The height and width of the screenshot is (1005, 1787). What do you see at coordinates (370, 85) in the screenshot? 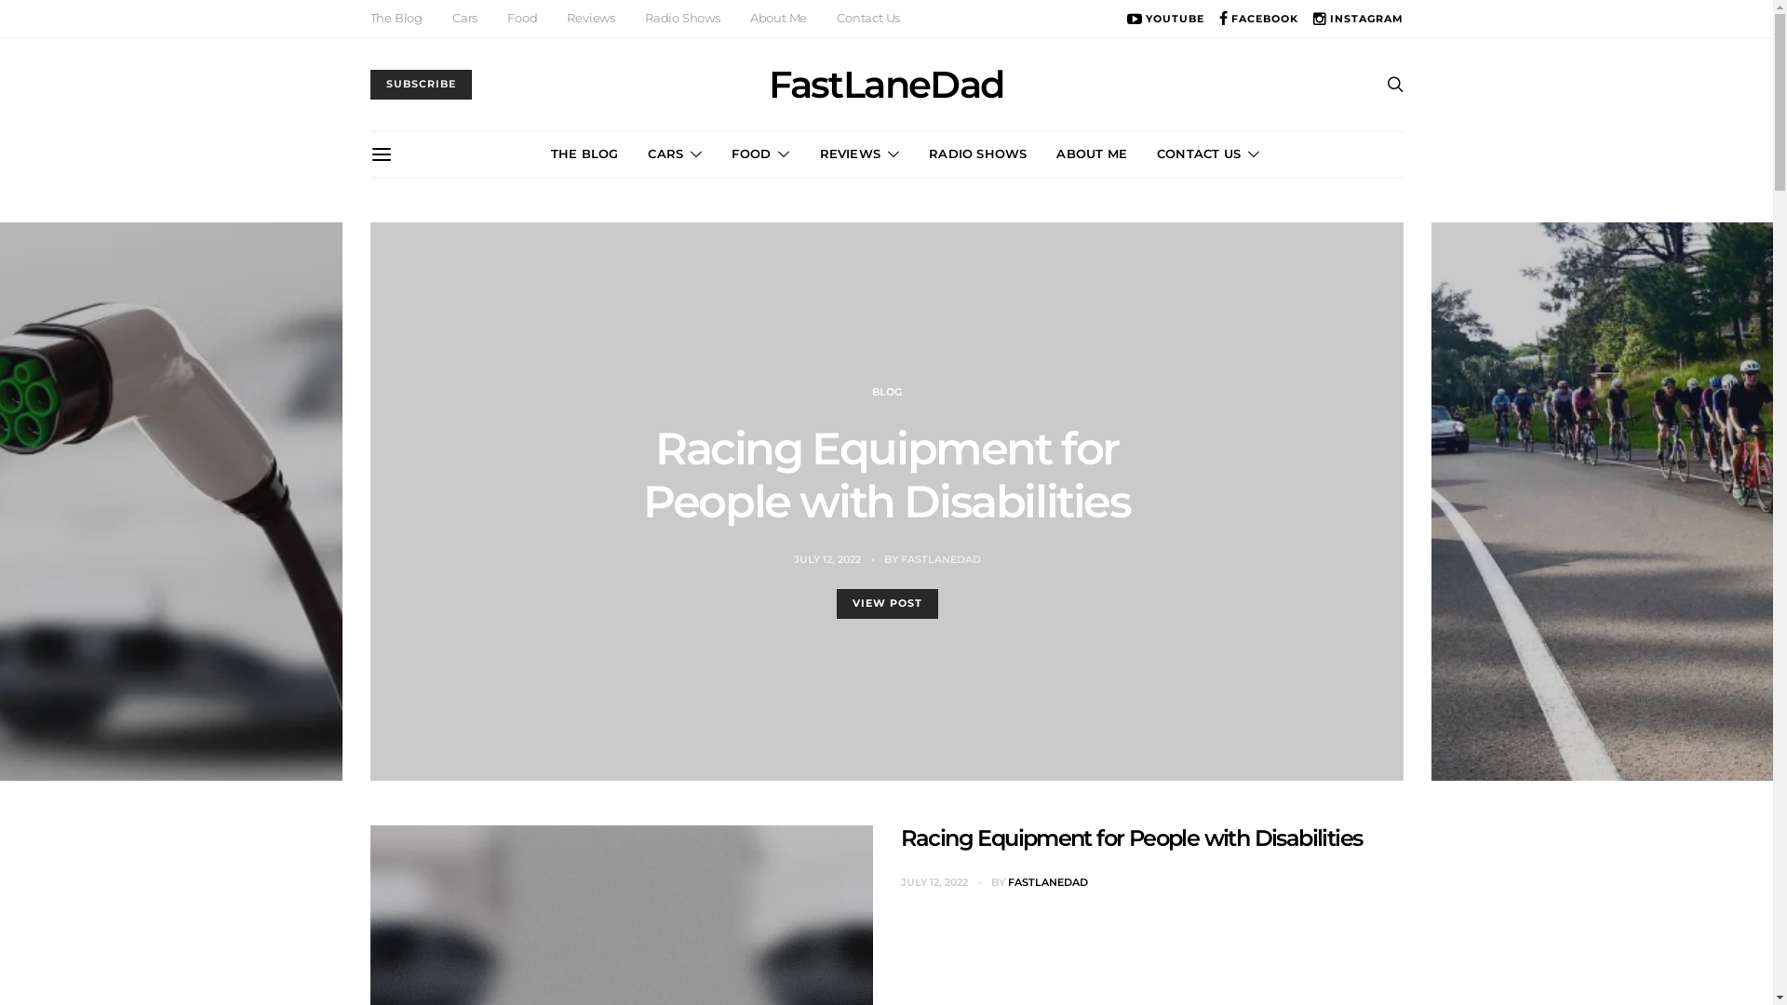
I see `'SUBSCRIBE'` at bounding box center [370, 85].